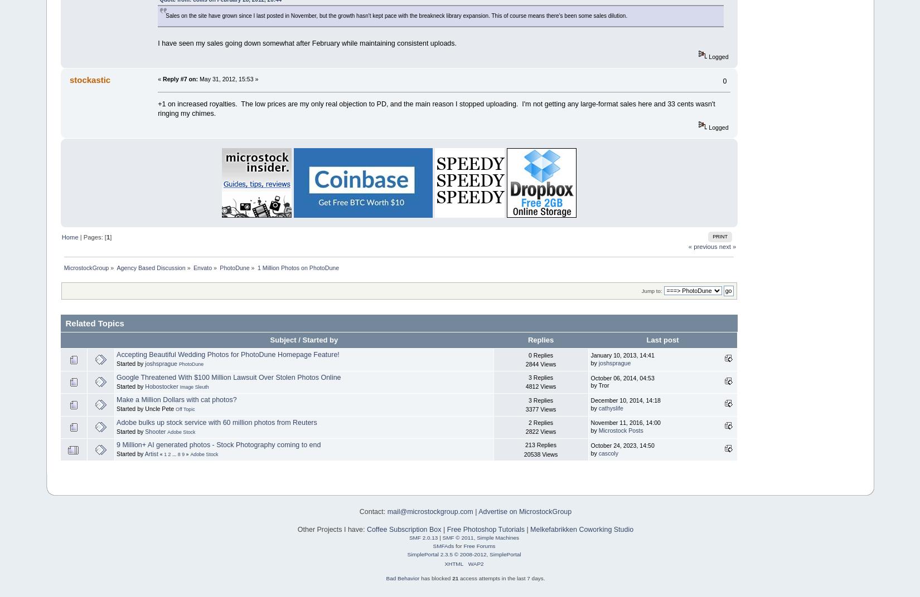 This screenshot has height=597, width=920. What do you see at coordinates (435, 107) in the screenshot?
I see `'+1 on increased royalties.  The low prices are my only real objection to PD, and the main reason I stopped uploading.  I'm not getting any large-format sales here and 33 cents wasn't ringing my chimes.'` at bounding box center [435, 107].